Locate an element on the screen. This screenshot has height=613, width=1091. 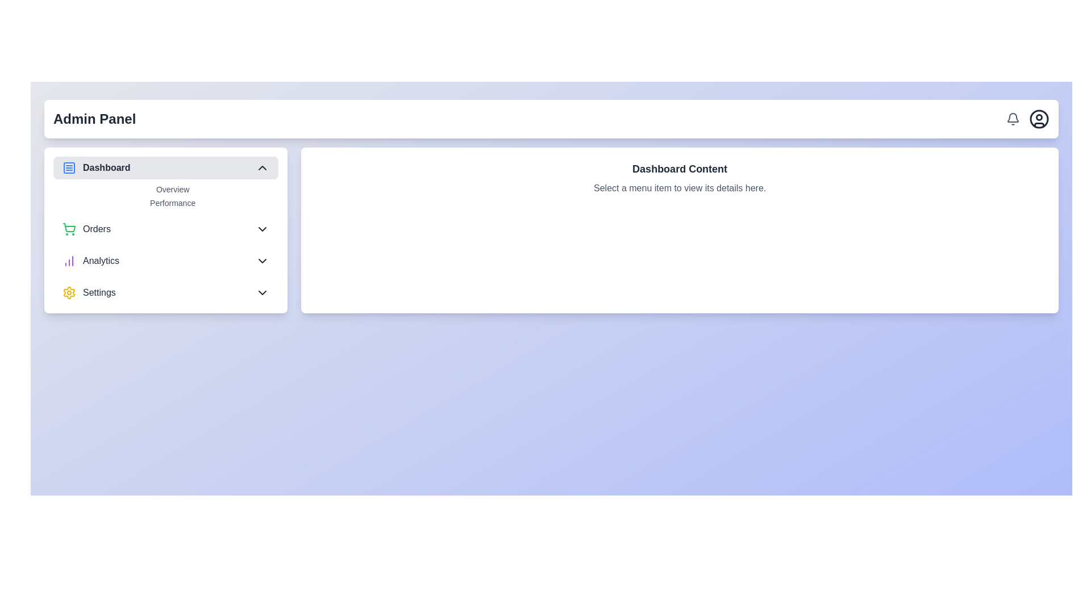
the downward-pointing chevron icon located to the far-right of the 'Orders' menu item is located at coordinates (262, 229).